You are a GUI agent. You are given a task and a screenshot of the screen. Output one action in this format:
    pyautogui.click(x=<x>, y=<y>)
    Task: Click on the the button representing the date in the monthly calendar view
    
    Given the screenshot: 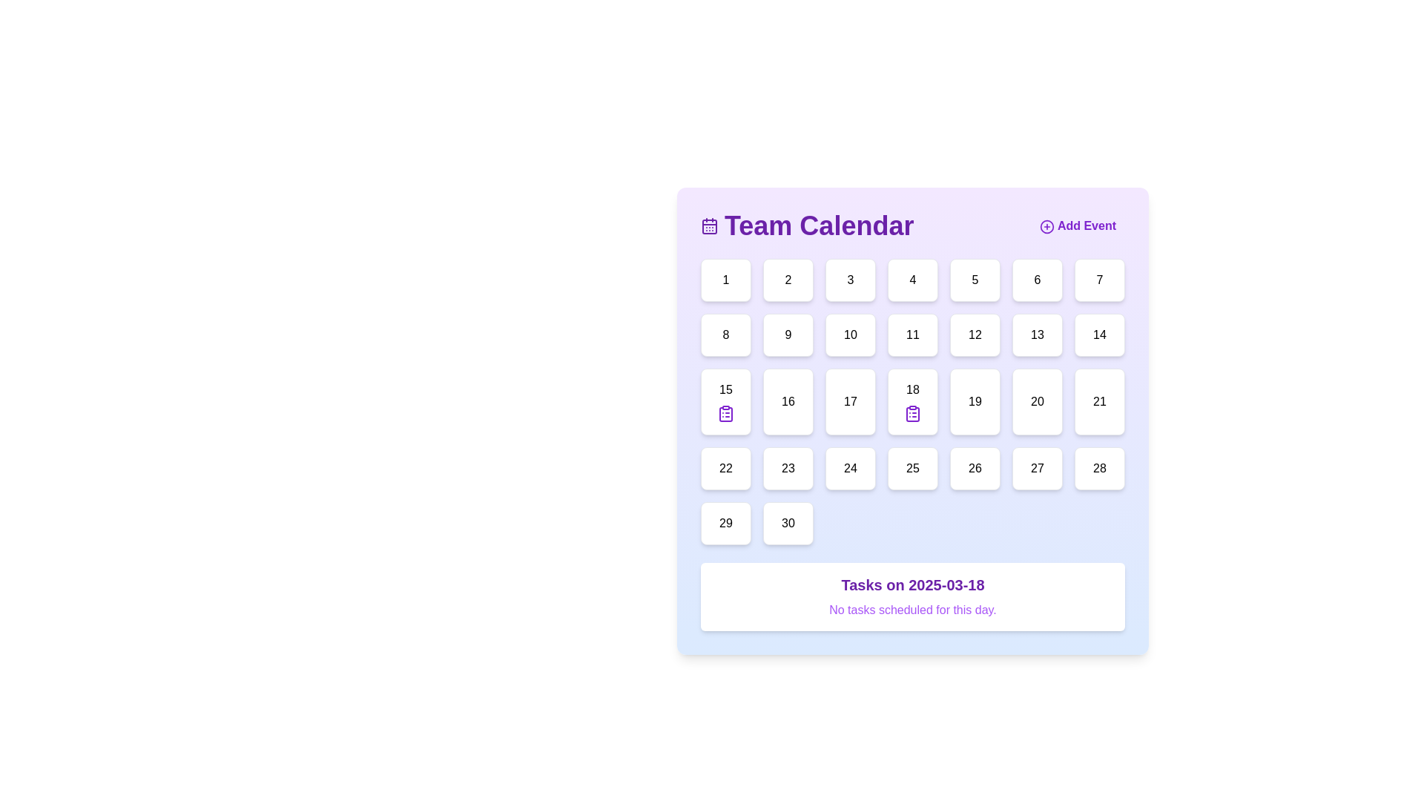 What is the action you would take?
    pyautogui.click(x=726, y=522)
    